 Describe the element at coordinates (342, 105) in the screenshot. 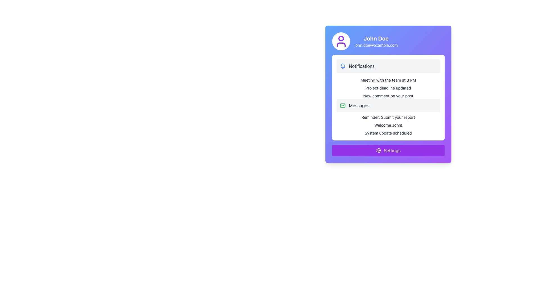

I see `the green-outlined envelope icon that is positioned next to the 'Messages' label in the user interface` at that location.